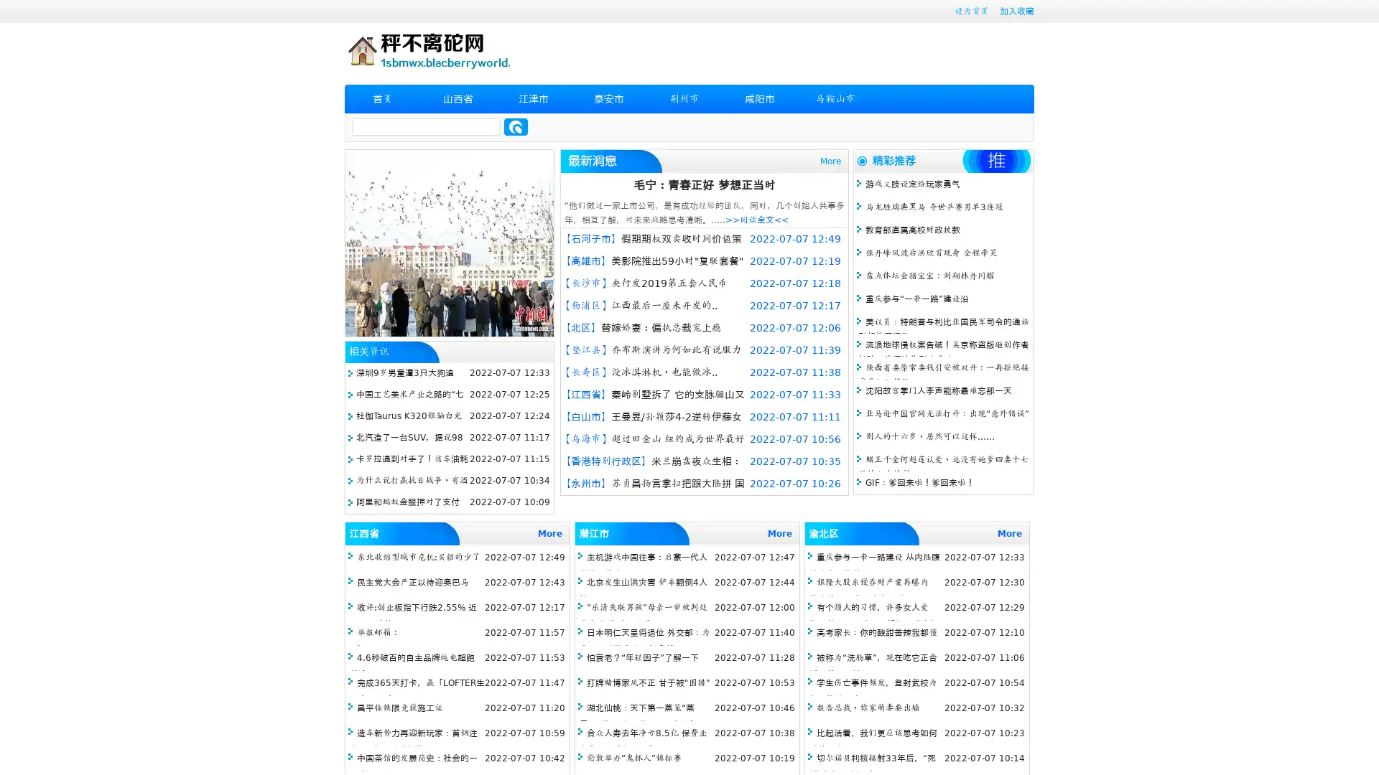 Image resolution: width=1379 pixels, height=775 pixels. What do you see at coordinates (516, 126) in the screenshot?
I see `Search` at bounding box center [516, 126].